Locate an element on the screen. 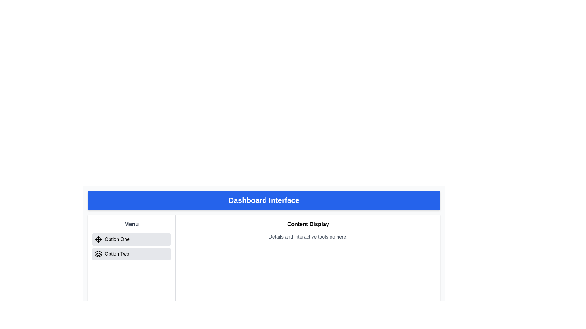  the top layer icon representing a stack concept adjacent to the 'Option Two' label in the left-side menu under the 'Menu' header is located at coordinates (98, 253).